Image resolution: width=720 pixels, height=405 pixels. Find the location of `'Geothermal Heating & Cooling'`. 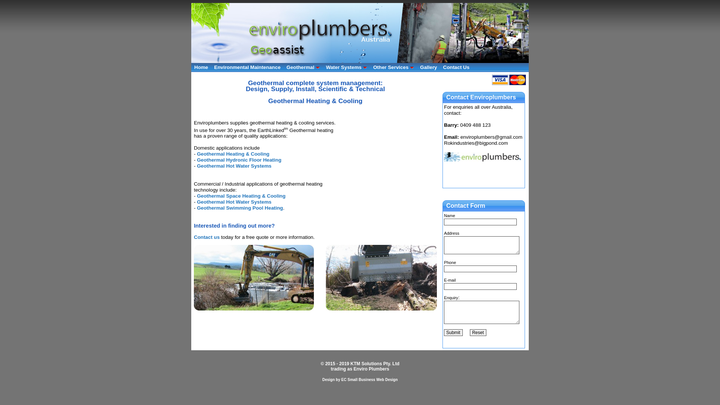

'Geothermal Heating & Cooling' is located at coordinates (232, 153).